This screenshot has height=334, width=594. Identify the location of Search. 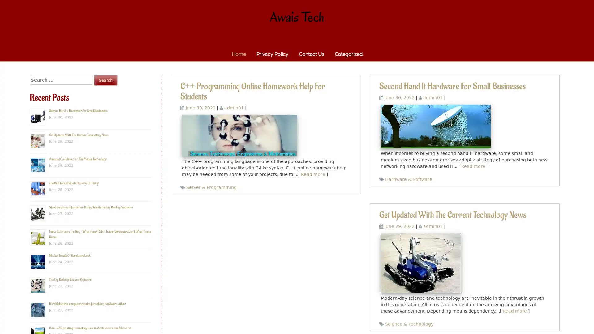
(105, 80).